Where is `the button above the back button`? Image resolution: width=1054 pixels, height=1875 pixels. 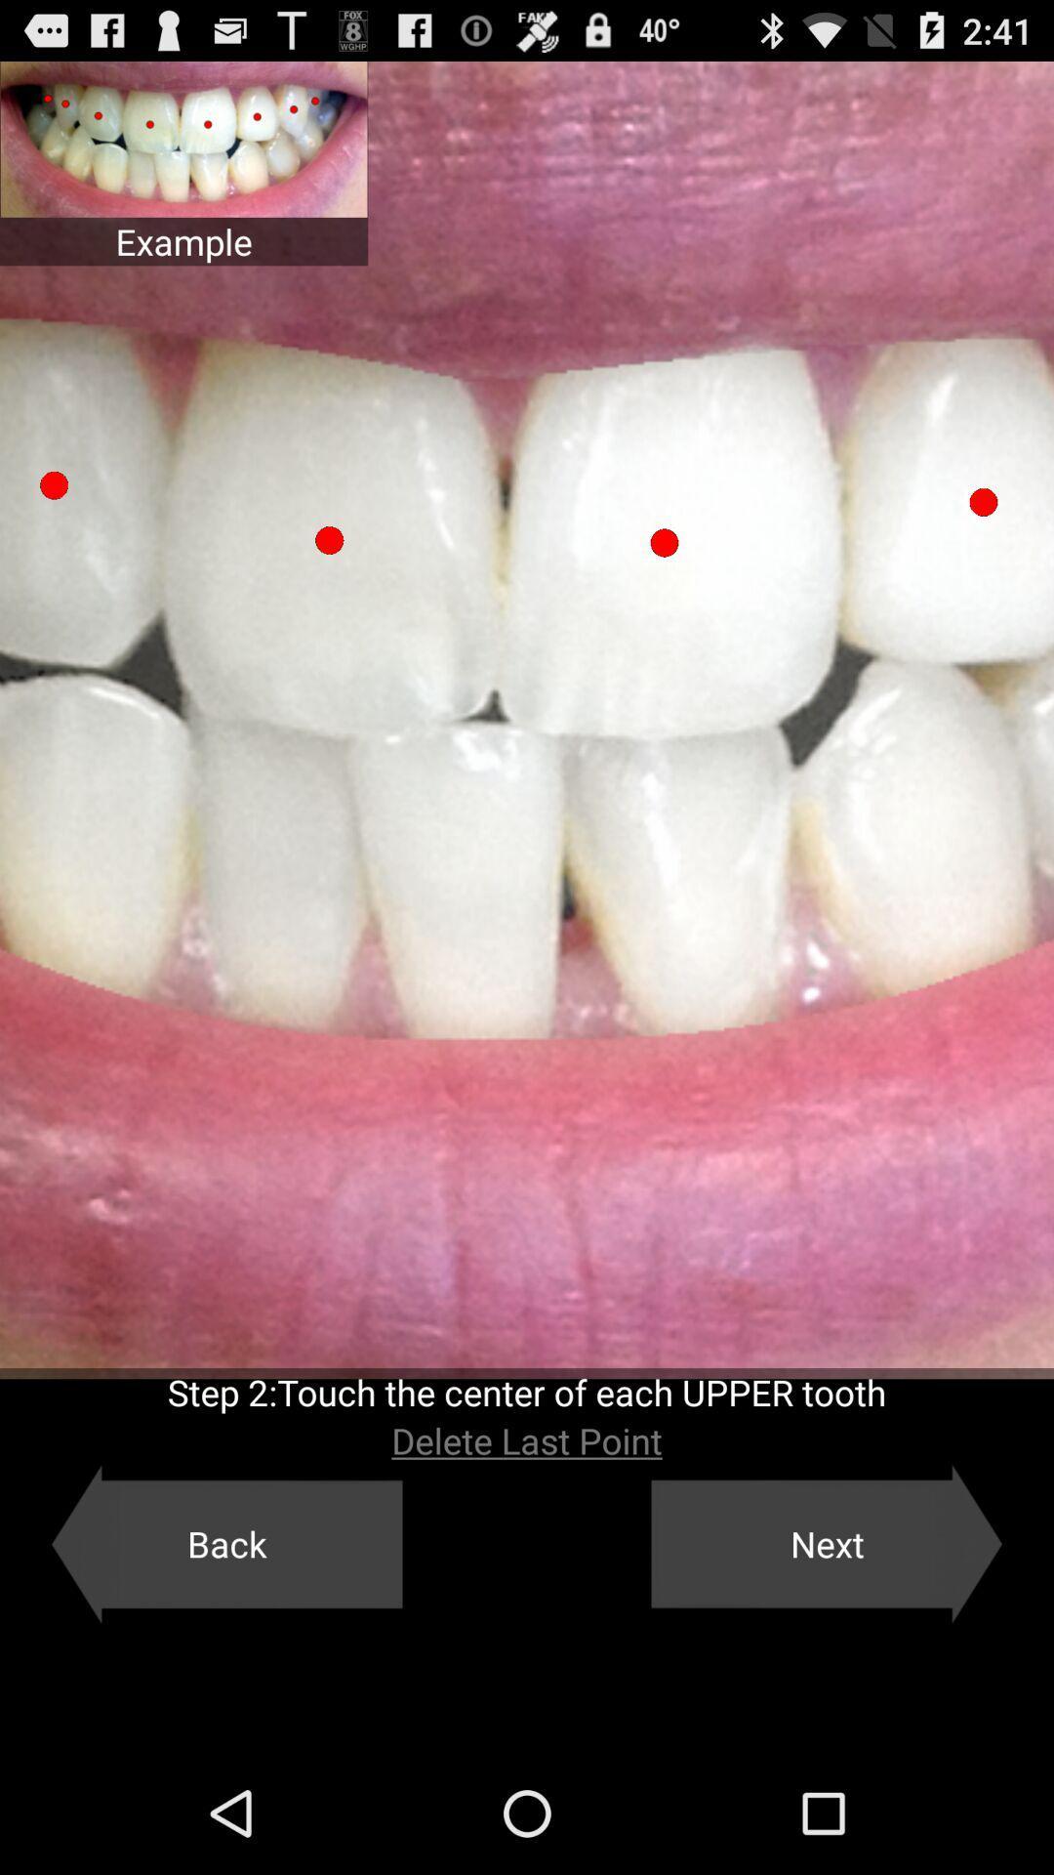 the button above the back button is located at coordinates (527, 1440).